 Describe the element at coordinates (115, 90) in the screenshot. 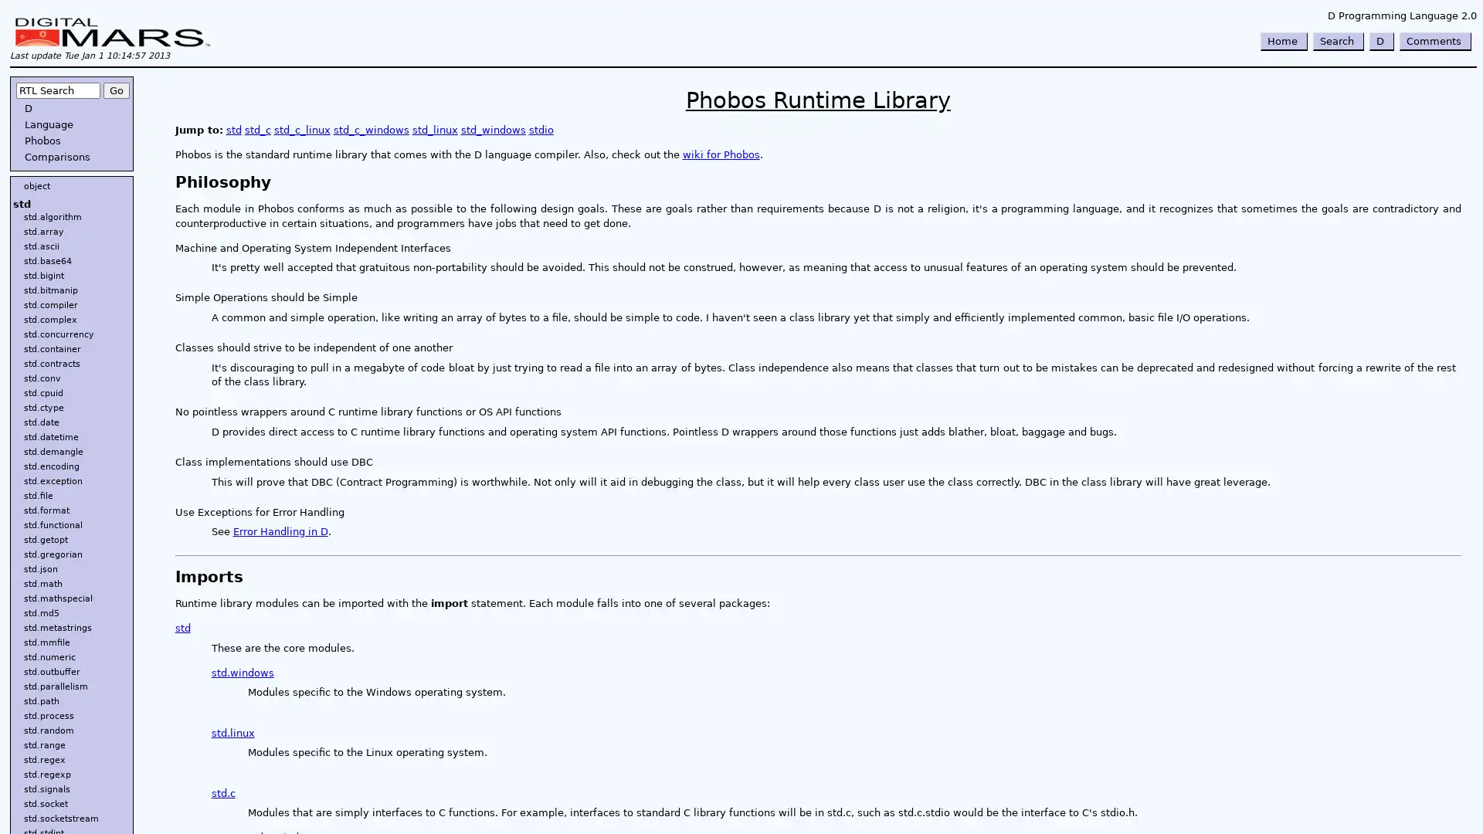

I see `Go` at that location.